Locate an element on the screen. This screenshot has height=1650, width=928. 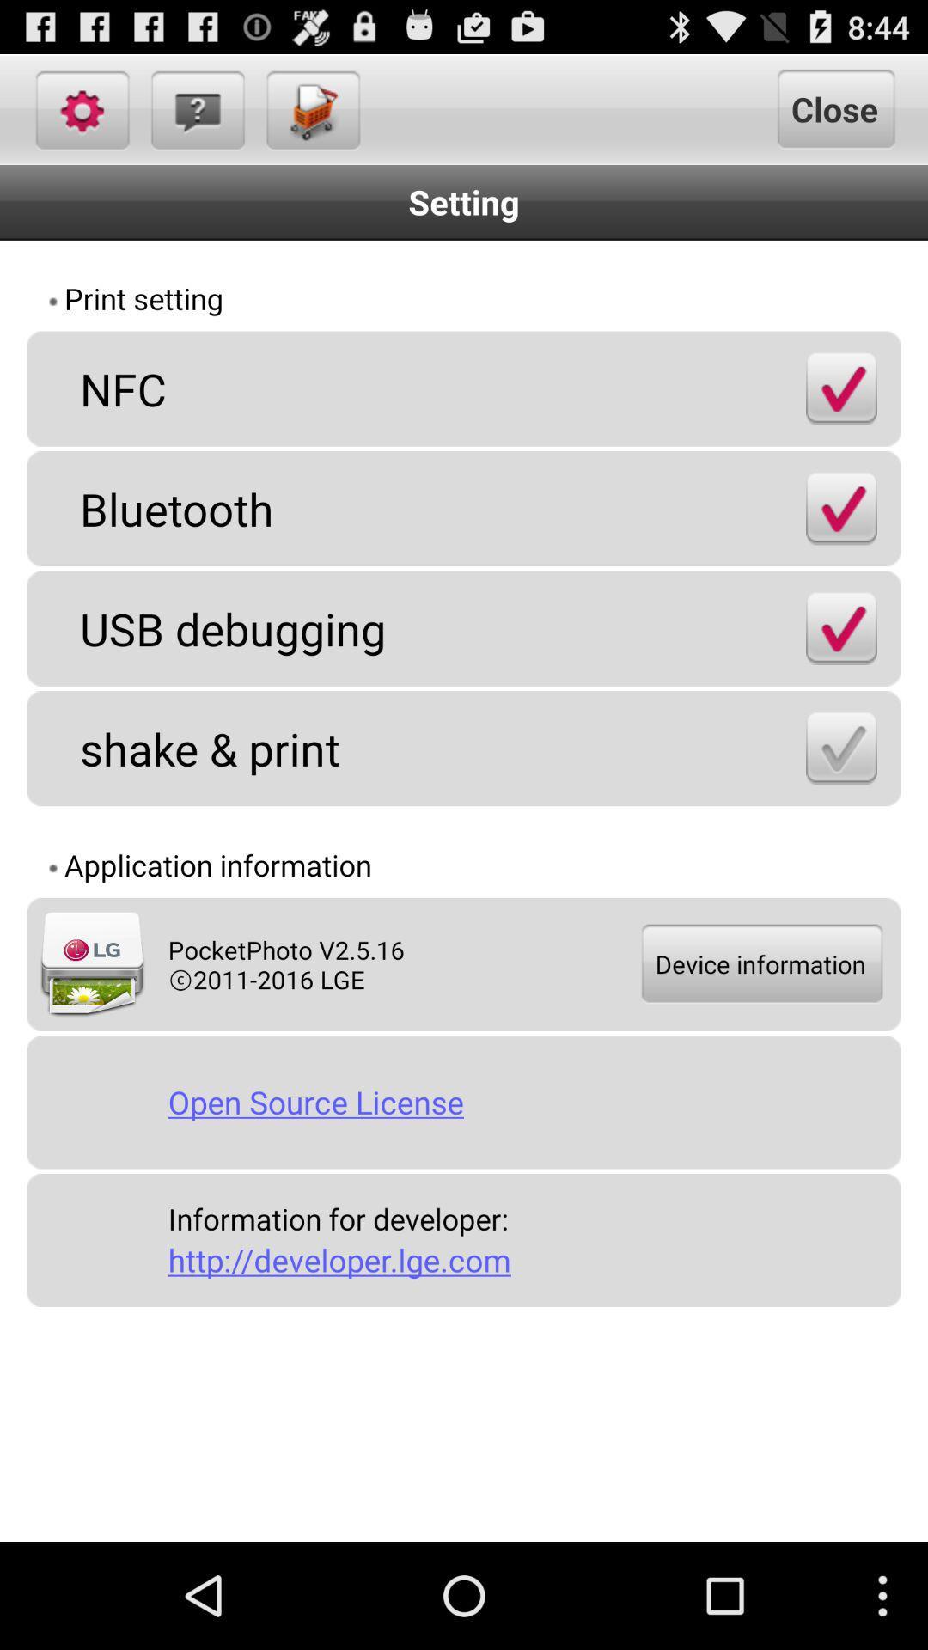
shake print is located at coordinates (840, 748).